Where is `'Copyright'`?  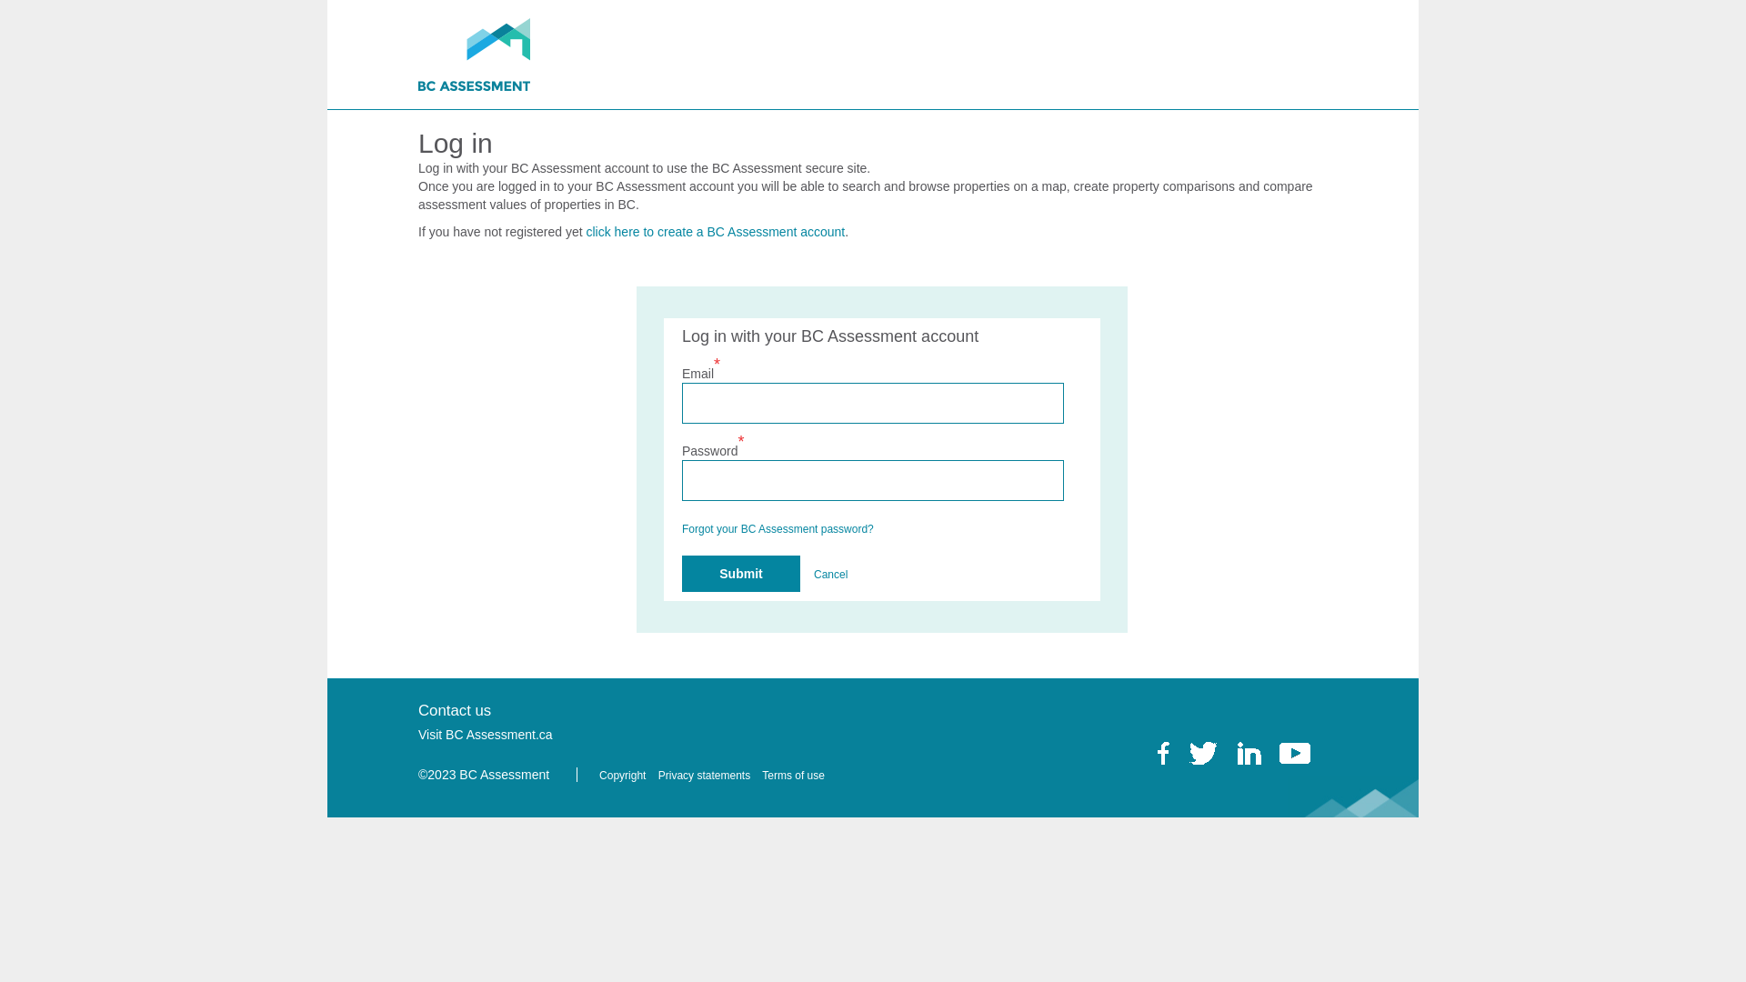
'Copyright' is located at coordinates (598, 775).